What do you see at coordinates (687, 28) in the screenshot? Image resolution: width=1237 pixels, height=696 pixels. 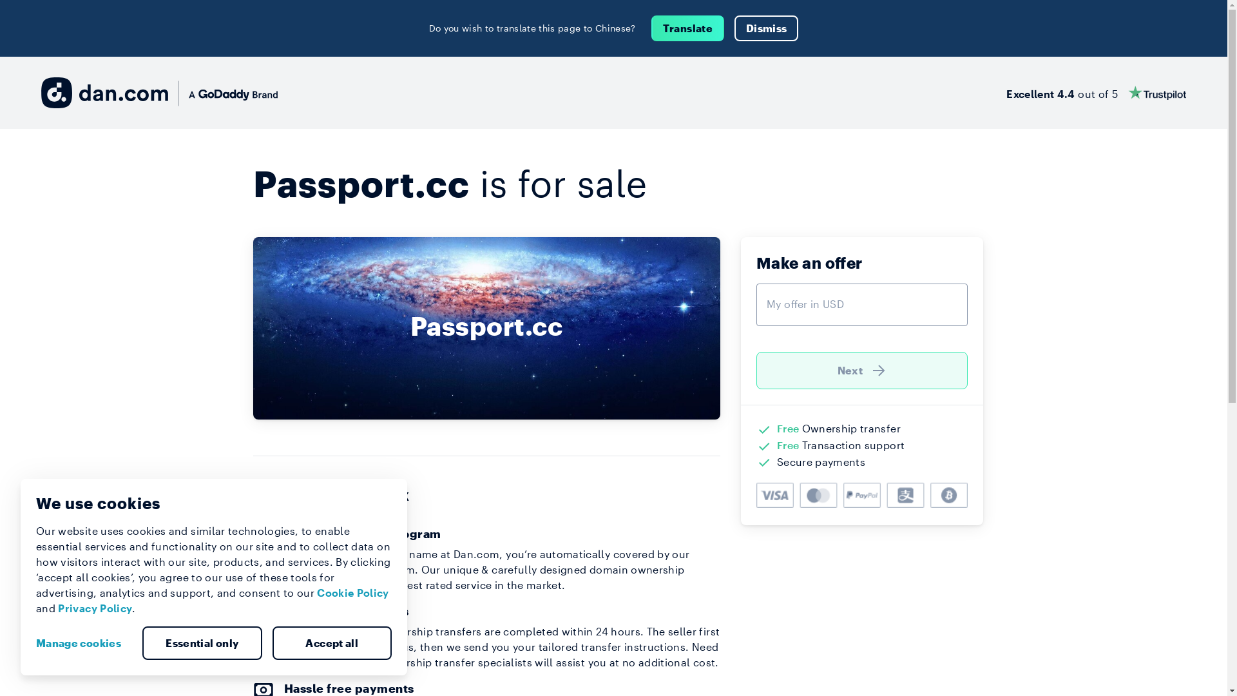 I see `'Translate'` at bounding box center [687, 28].